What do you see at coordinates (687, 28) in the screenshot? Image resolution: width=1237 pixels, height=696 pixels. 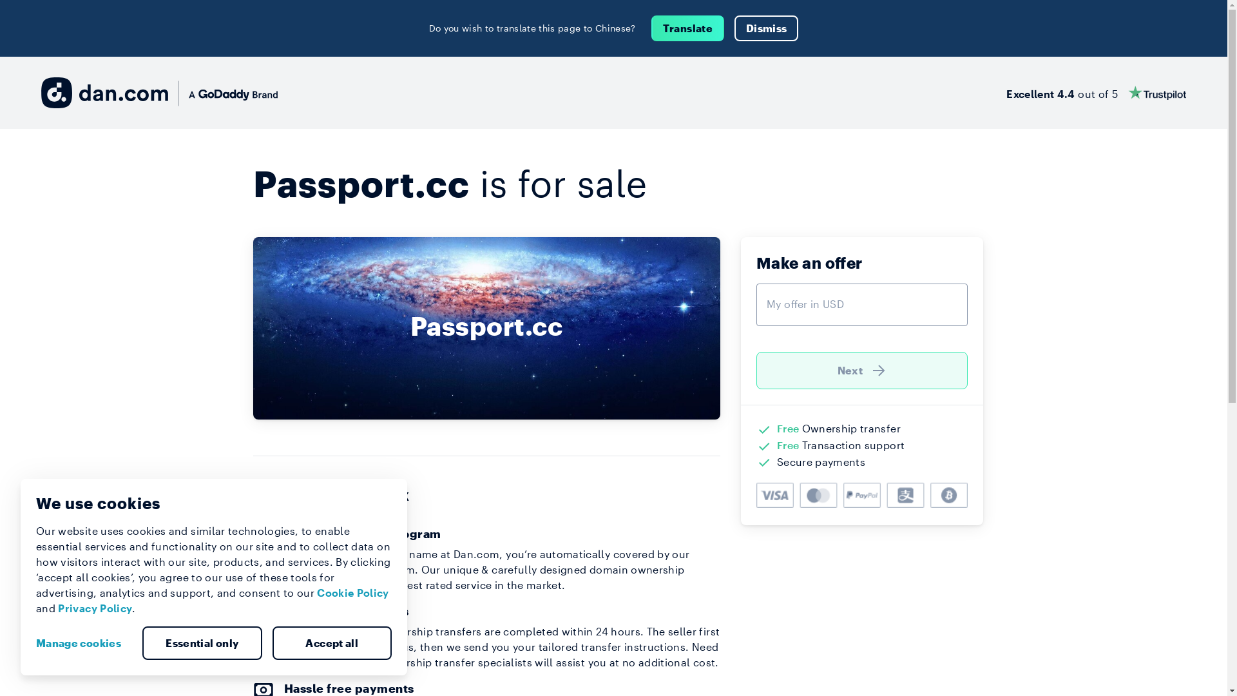 I see `'Translate'` at bounding box center [687, 28].